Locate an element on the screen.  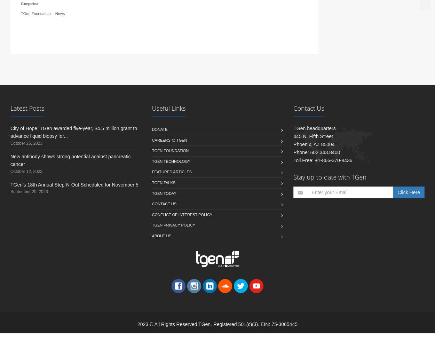
'City of Hope, TGen awarded five-year, $4.5 million grant to advance liquid biopsy for...' is located at coordinates (10, 140).